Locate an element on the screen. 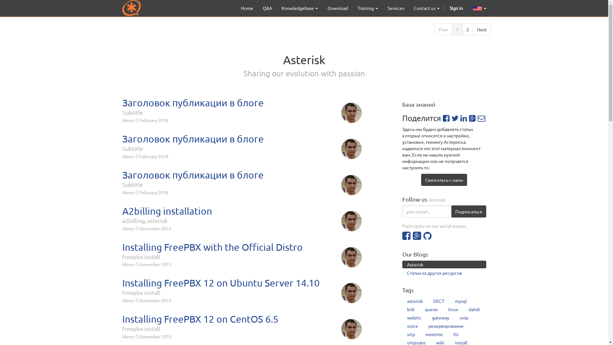  'English' is located at coordinates (477, 9).